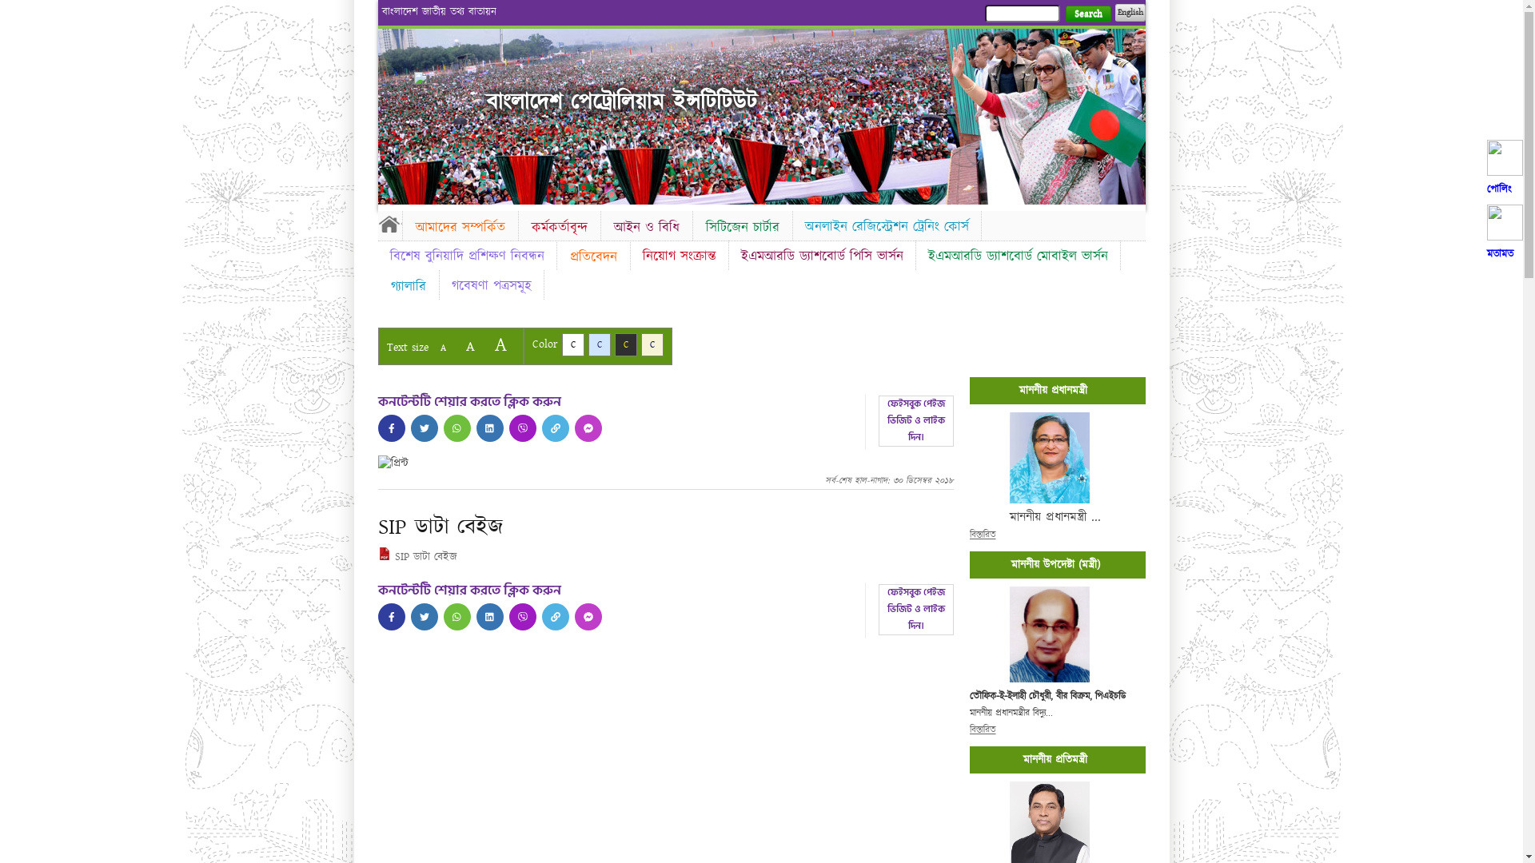 This screenshot has height=863, width=1535. I want to click on 'Search', so click(1087, 14).